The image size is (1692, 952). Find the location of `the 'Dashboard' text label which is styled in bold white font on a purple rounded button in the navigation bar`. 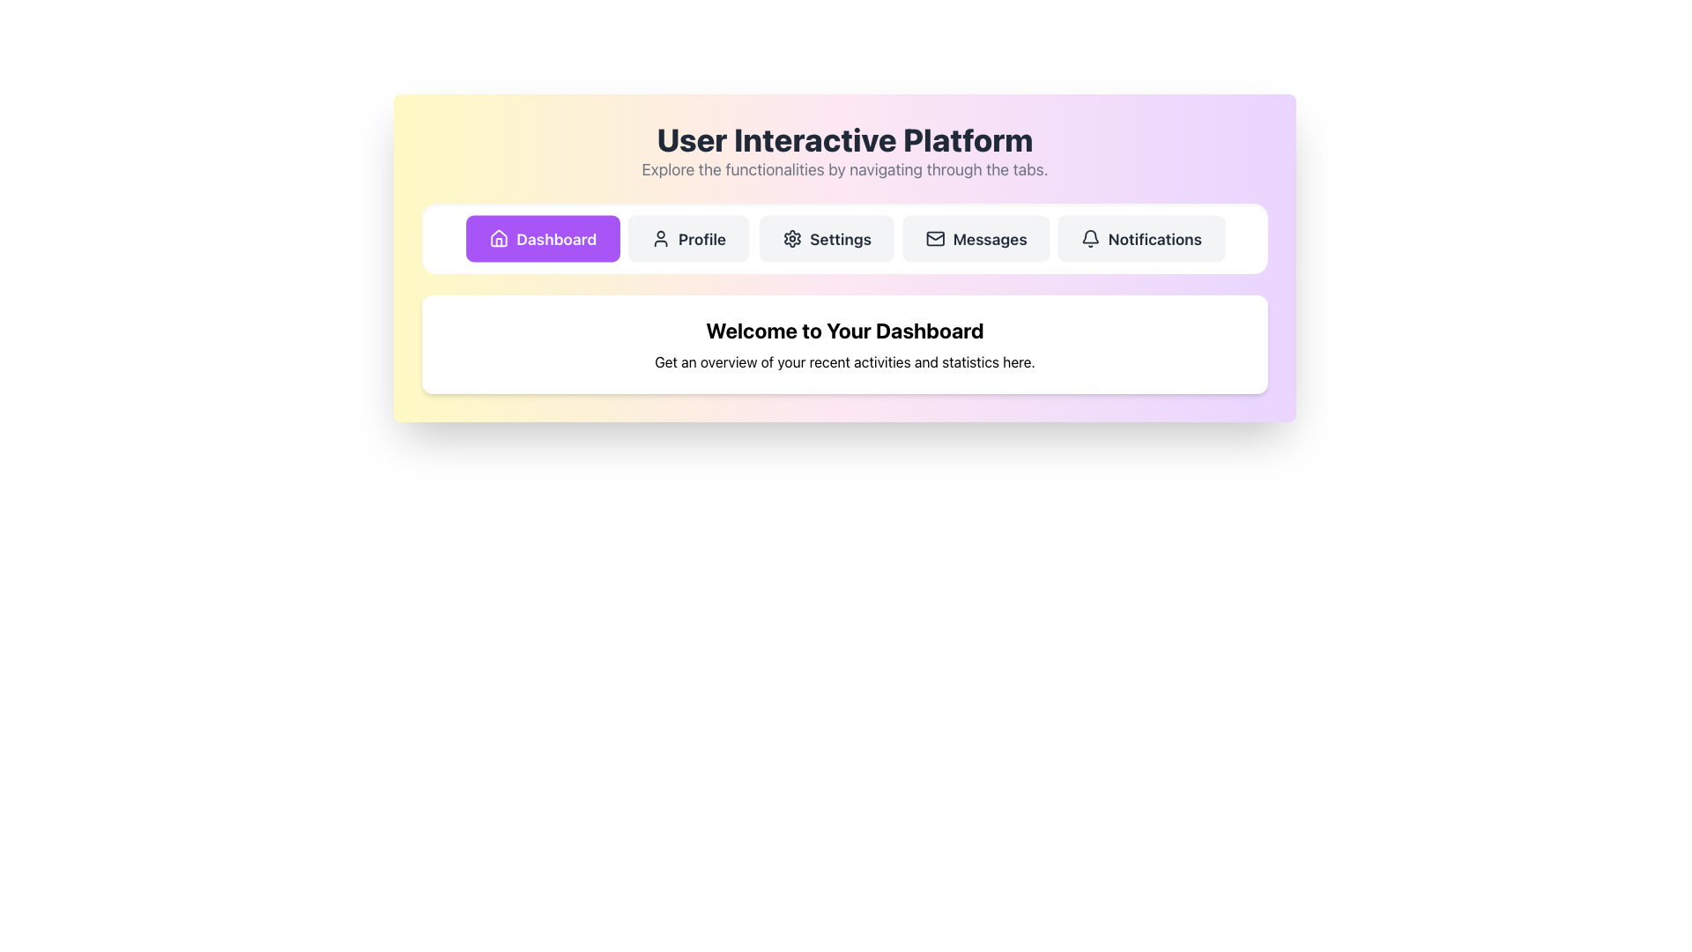

the 'Dashboard' text label which is styled in bold white font on a purple rounded button in the navigation bar is located at coordinates (555, 238).